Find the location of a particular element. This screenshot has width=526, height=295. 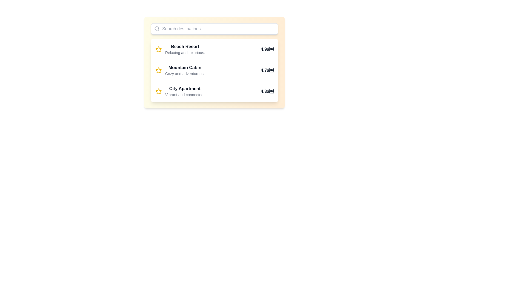

the yellow star icon with a hollow center and thick borders, located in the third entry next to the text 'City Apartment' is located at coordinates (158, 91).